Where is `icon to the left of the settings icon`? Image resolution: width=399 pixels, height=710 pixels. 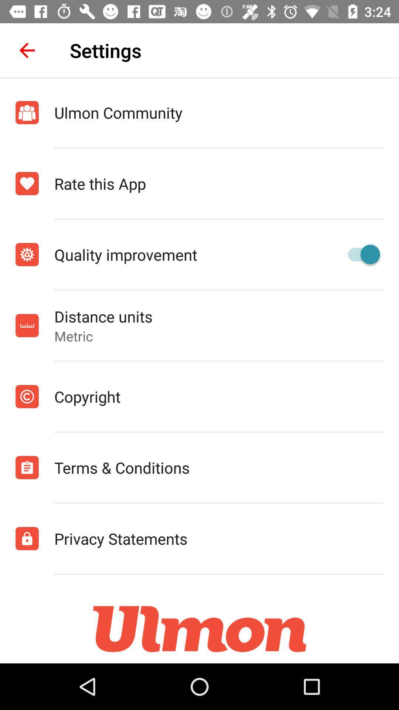 icon to the left of the settings icon is located at coordinates (27, 50).